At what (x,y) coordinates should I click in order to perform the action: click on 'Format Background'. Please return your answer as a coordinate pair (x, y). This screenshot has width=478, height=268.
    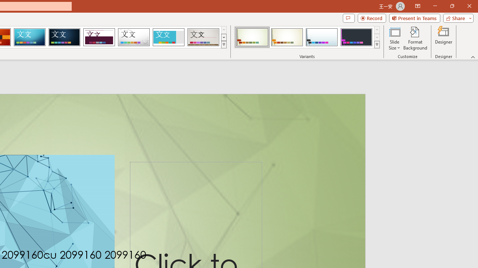
    Looking at the image, I should click on (415, 38).